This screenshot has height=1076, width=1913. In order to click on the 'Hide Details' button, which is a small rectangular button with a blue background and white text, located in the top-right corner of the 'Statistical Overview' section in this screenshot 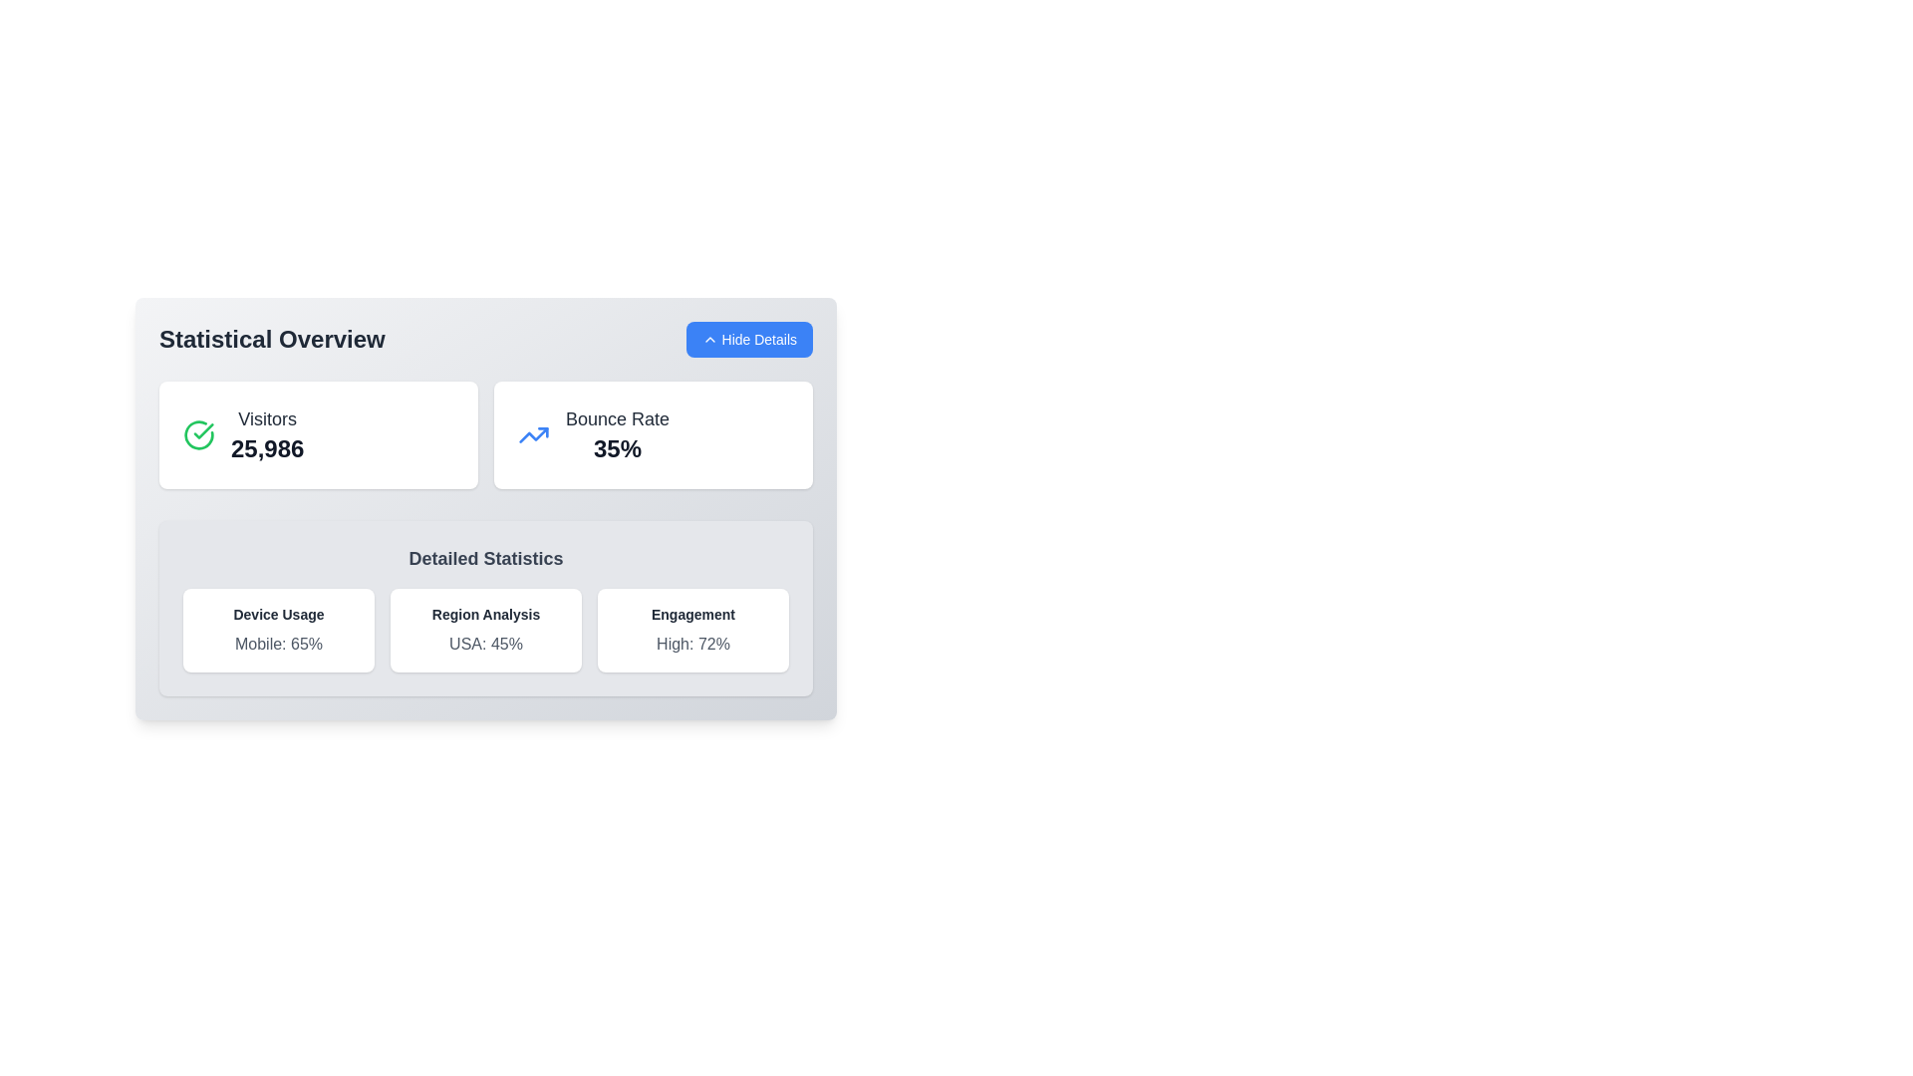, I will do `click(748, 338)`.